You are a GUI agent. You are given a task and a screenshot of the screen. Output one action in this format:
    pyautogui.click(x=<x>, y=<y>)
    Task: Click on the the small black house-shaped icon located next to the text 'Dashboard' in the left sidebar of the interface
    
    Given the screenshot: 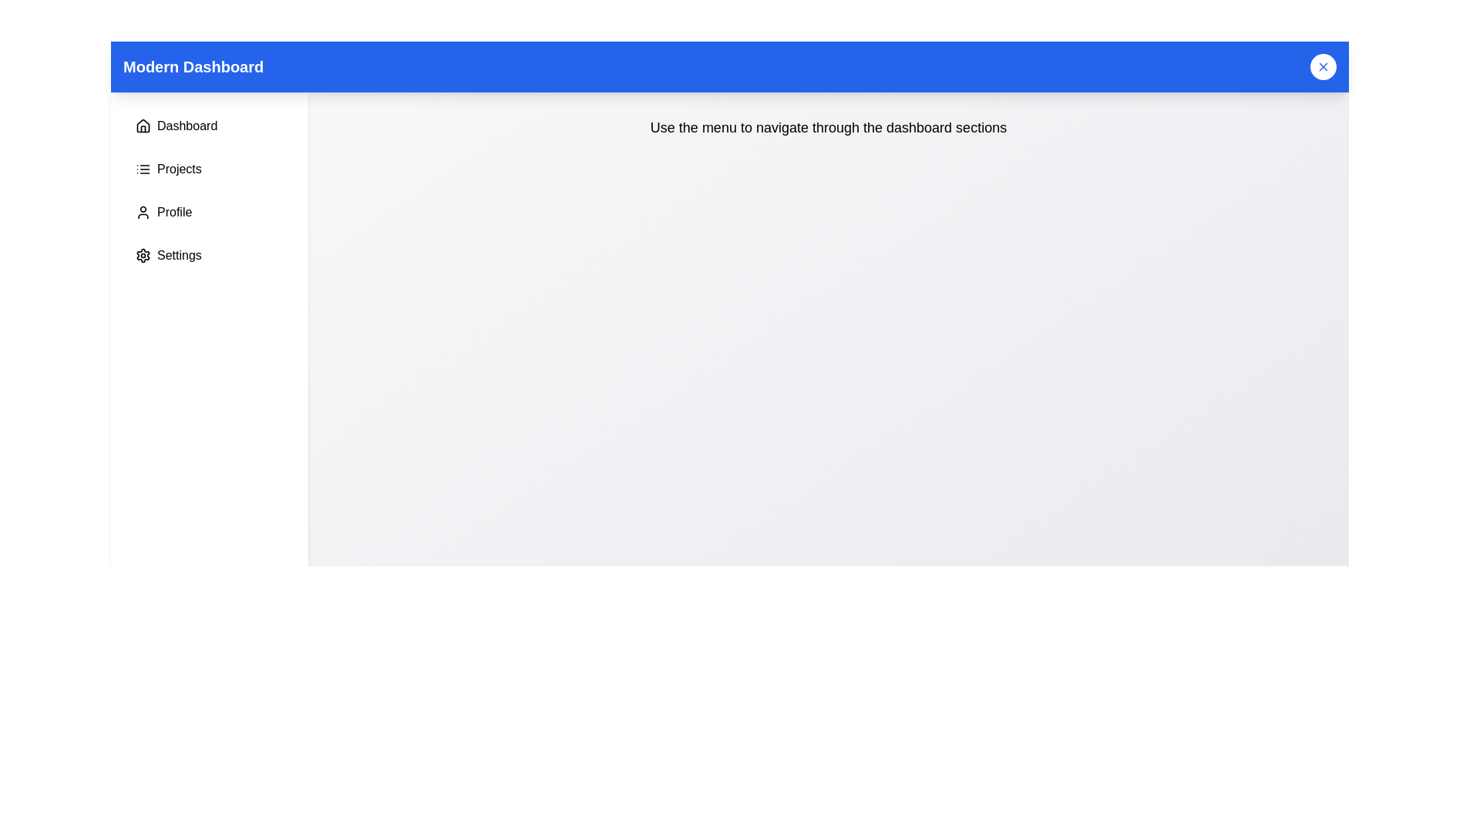 What is the action you would take?
    pyautogui.click(x=143, y=126)
    